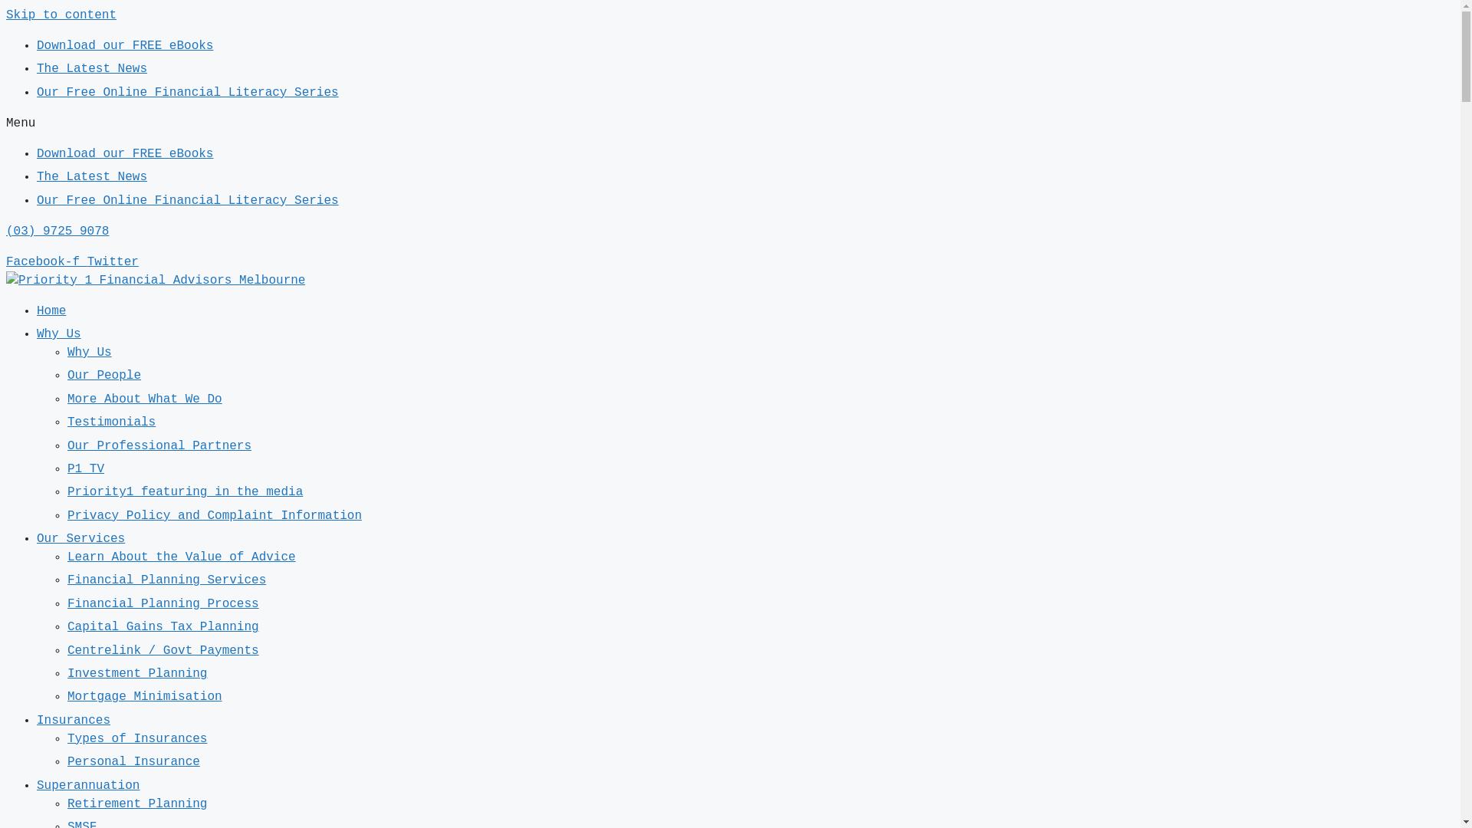 Image resolution: width=1472 pixels, height=828 pixels. I want to click on 'Skip to content', so click(61, 15).